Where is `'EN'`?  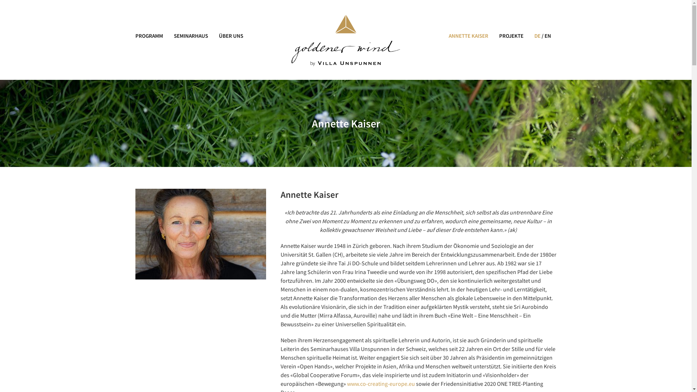
'EN' is located at coordinates (547, 36).